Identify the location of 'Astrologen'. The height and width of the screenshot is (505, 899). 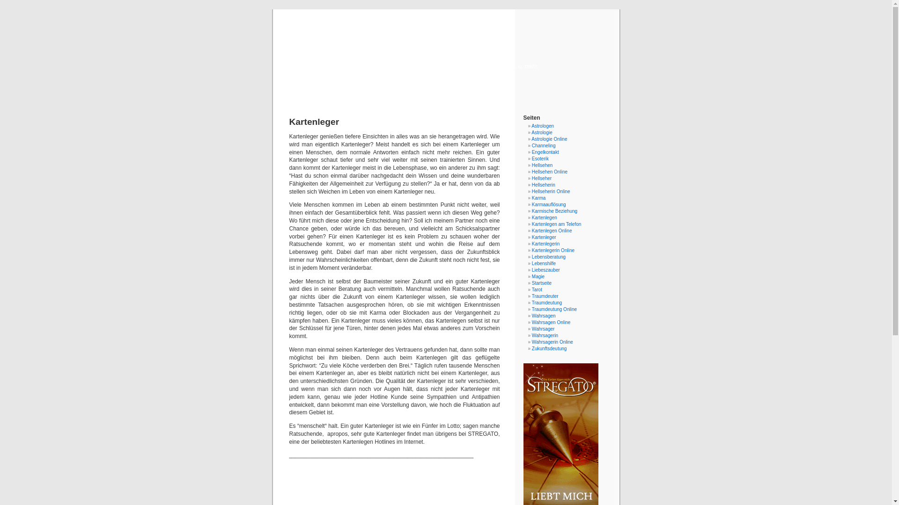
(531, 125).